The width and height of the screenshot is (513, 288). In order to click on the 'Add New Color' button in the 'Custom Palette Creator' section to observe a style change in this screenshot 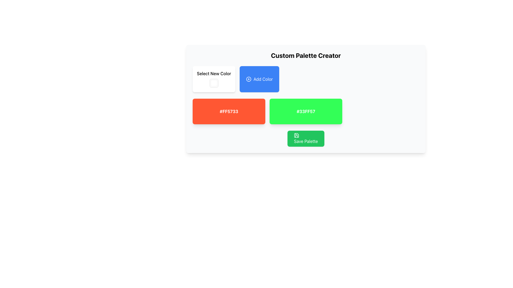, I will do `click(259, 79)`.